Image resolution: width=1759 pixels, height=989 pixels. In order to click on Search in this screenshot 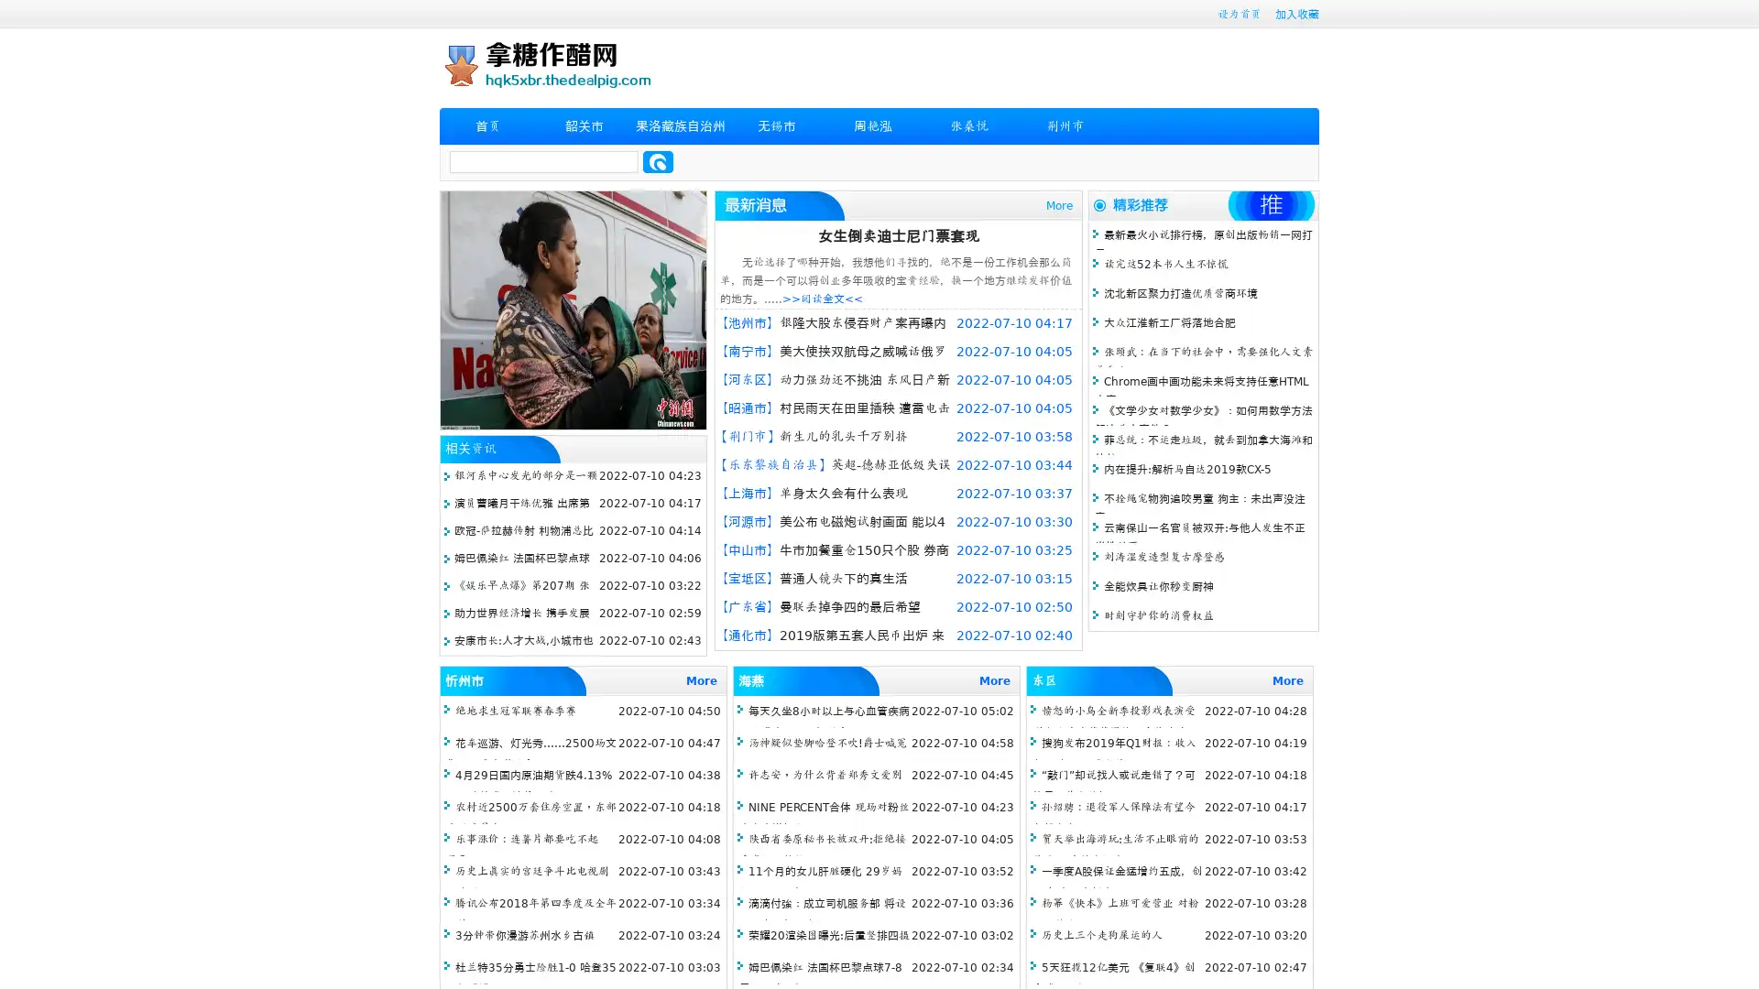, I will do `click(658, 161)`.